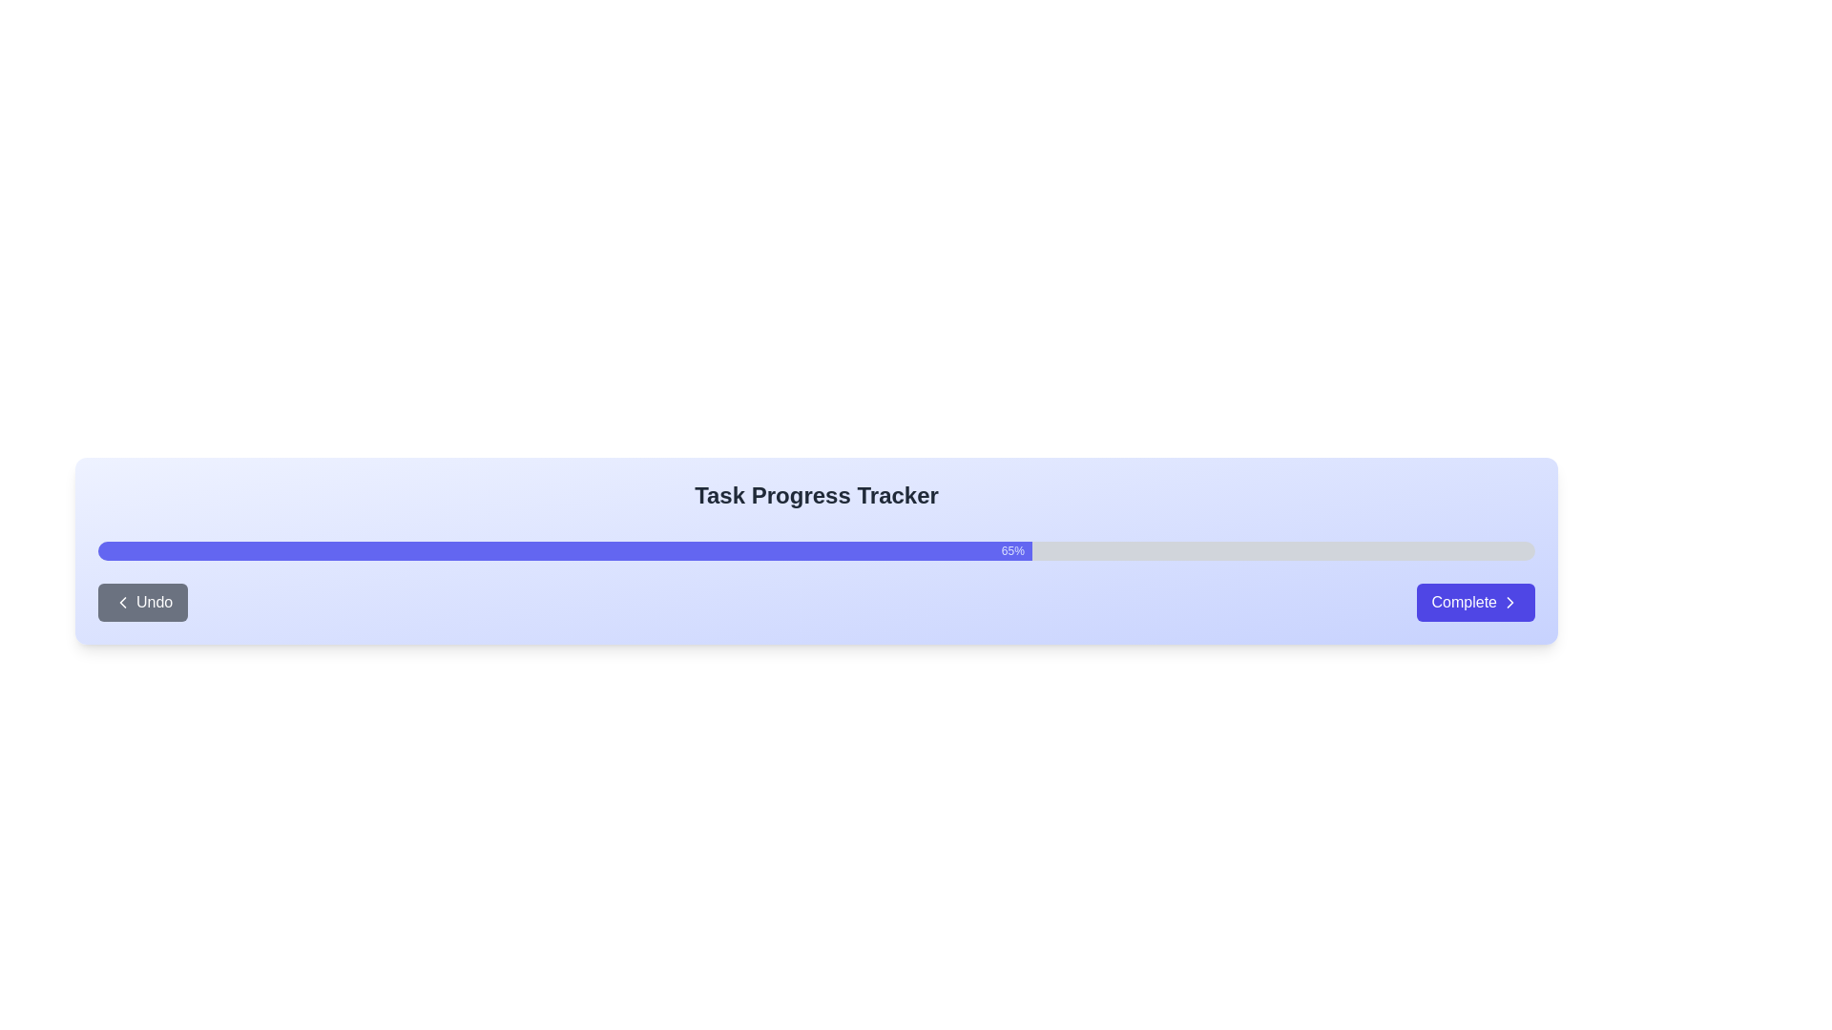 The width and height of the screenshot is (1832, 1030). Describe the element at coordinates (816, 603) in the screenshot. I see `the 'Complete' button of the composite control element containing 'Undo' and 'Complete' buttons` at that location.